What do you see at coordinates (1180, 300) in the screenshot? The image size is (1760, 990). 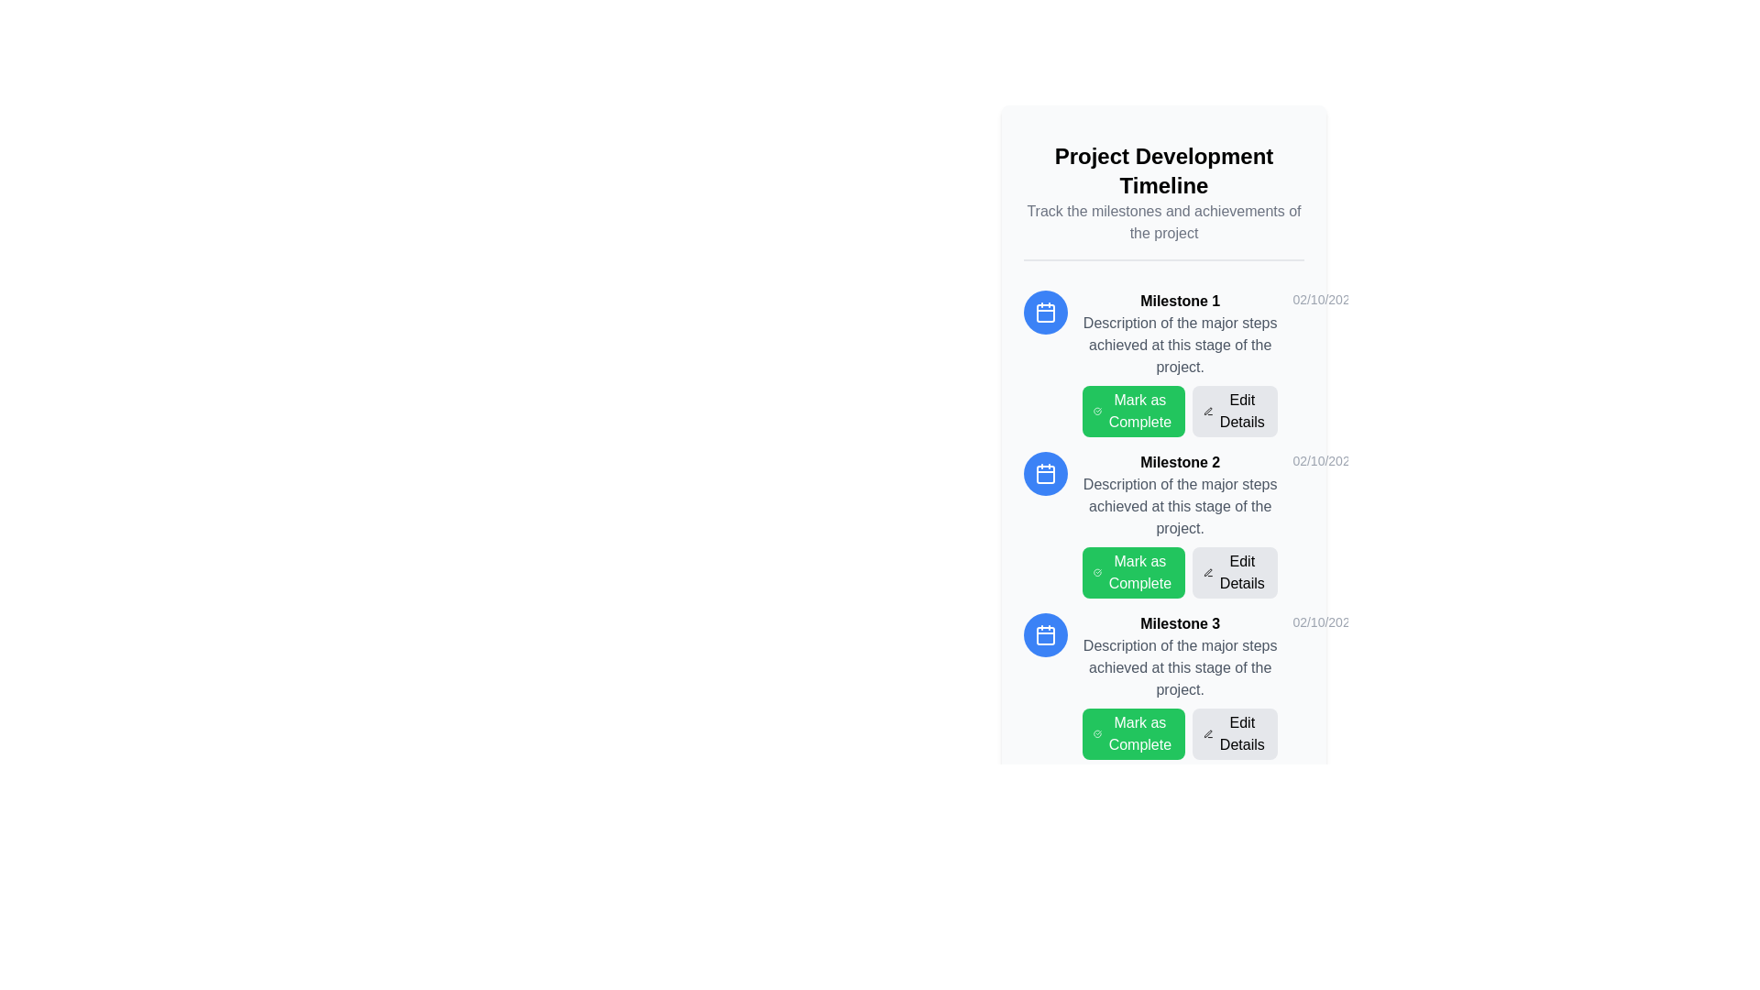 I see `the bold text 'Milestone 1' which is part of the timeline section, located above the descriptive text and adjacent to action buttons` at bounding box center [1180, 300].